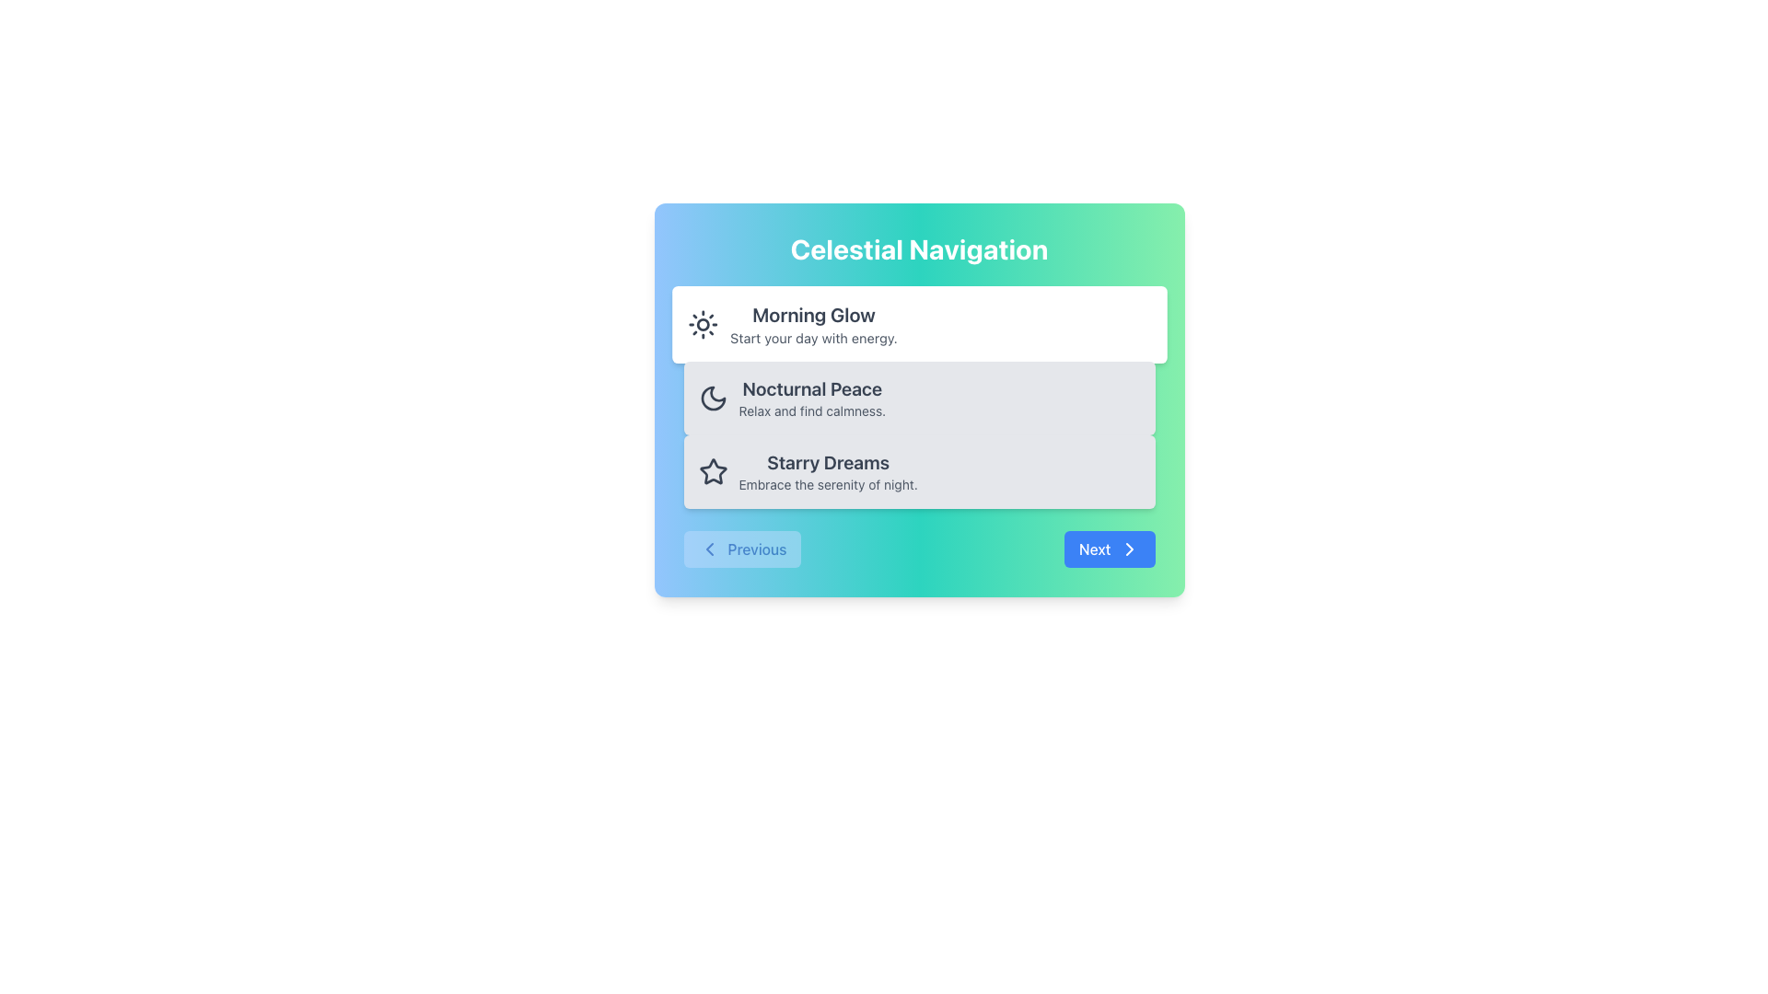 The height and width of the screenshot is (994, 1768). Describe the element at coordinates (1128, 549) in the screenshot. I see `the rightward-pointing chevron icon next to the 'Next' button in the bottom-right corner of the 'Celestial Navigation' modal` at that location.